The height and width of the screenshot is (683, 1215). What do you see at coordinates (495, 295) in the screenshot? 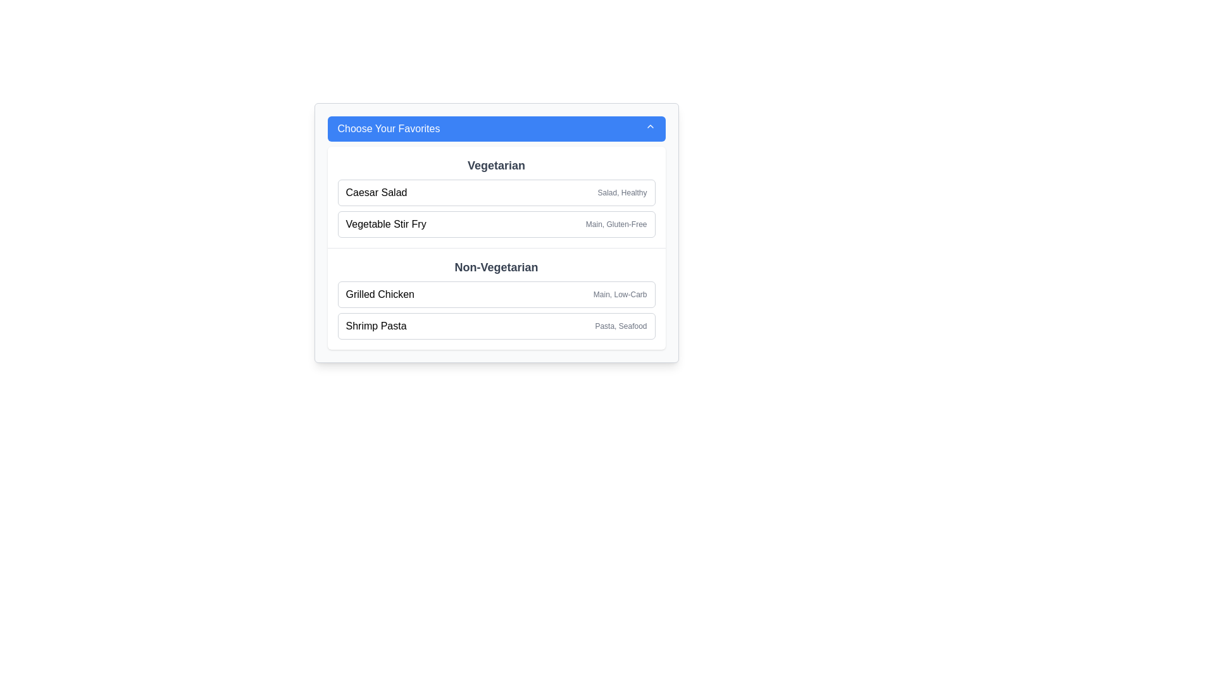
I see `the first interactive list item under the 'Non-Vegetarian' category, which provides information about a dish, likely for menu selection` at bounding box center [495, 295].